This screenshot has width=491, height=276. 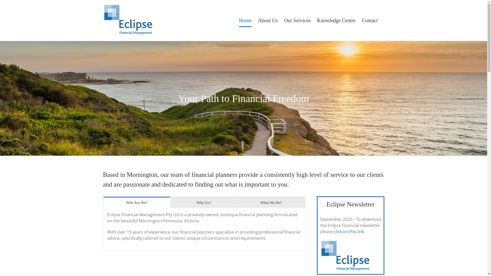 What do you see at coordinates (284, 20) in the screenshot?
I see `'Our Services'` at bounding box center [284, 20].